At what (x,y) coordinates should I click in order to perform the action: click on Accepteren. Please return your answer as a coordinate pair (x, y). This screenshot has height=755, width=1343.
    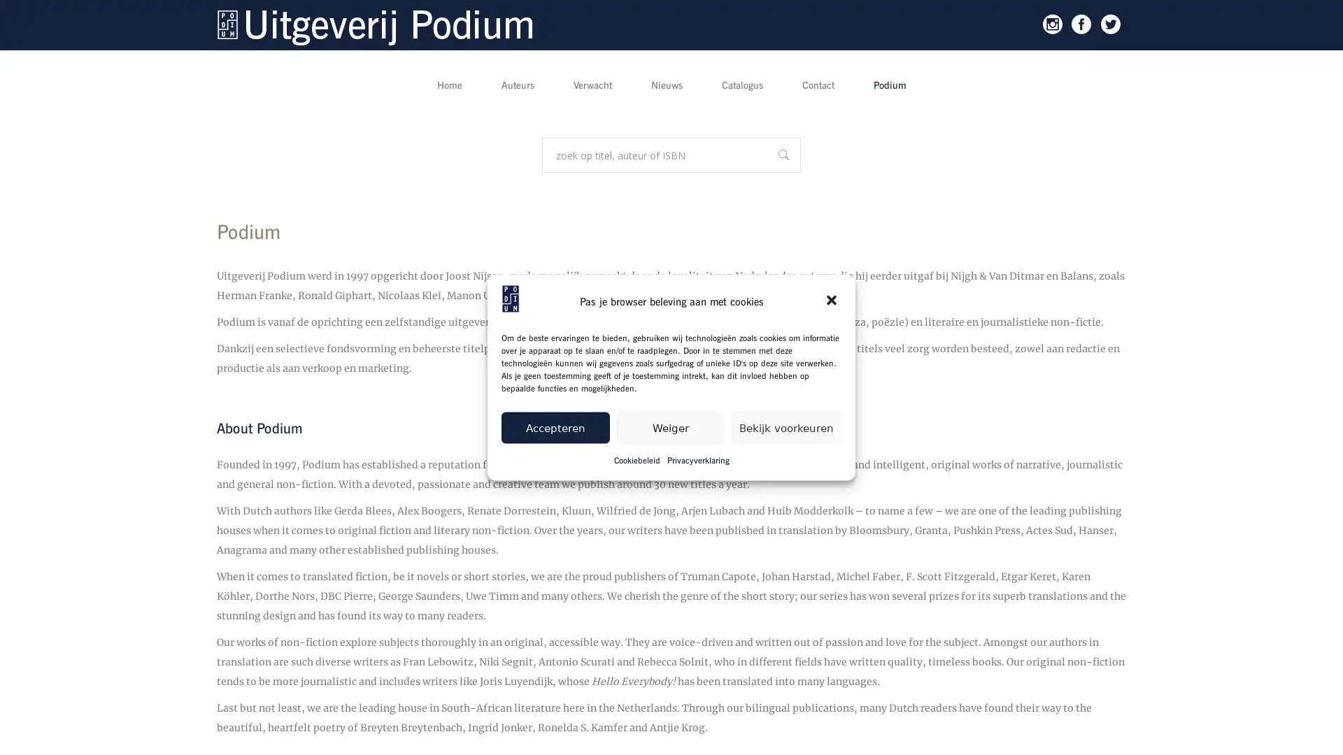
    Looking at the image, I should click on (554, 426).